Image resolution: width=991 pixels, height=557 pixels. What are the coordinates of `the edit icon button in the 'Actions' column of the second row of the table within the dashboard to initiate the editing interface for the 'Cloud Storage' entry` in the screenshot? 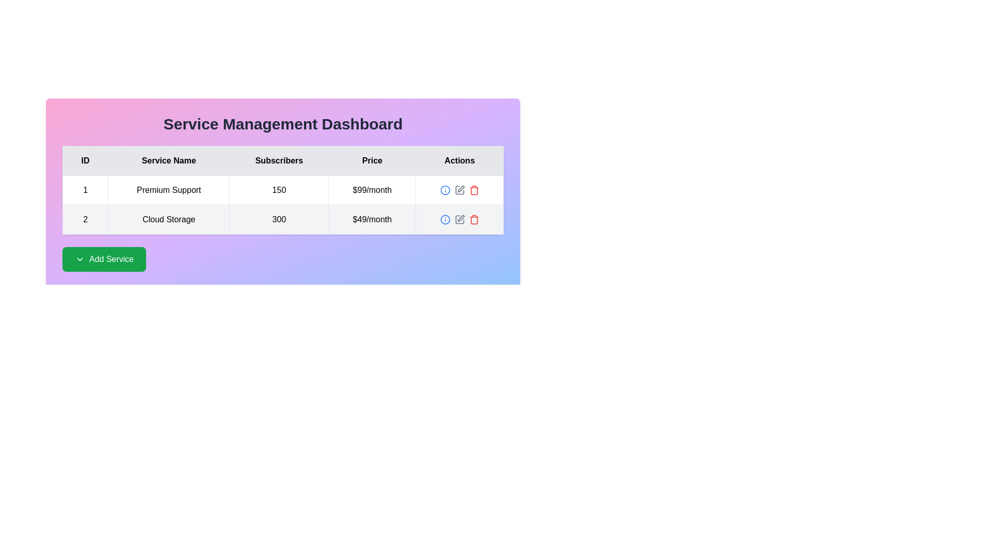 It's located at (459, 219).